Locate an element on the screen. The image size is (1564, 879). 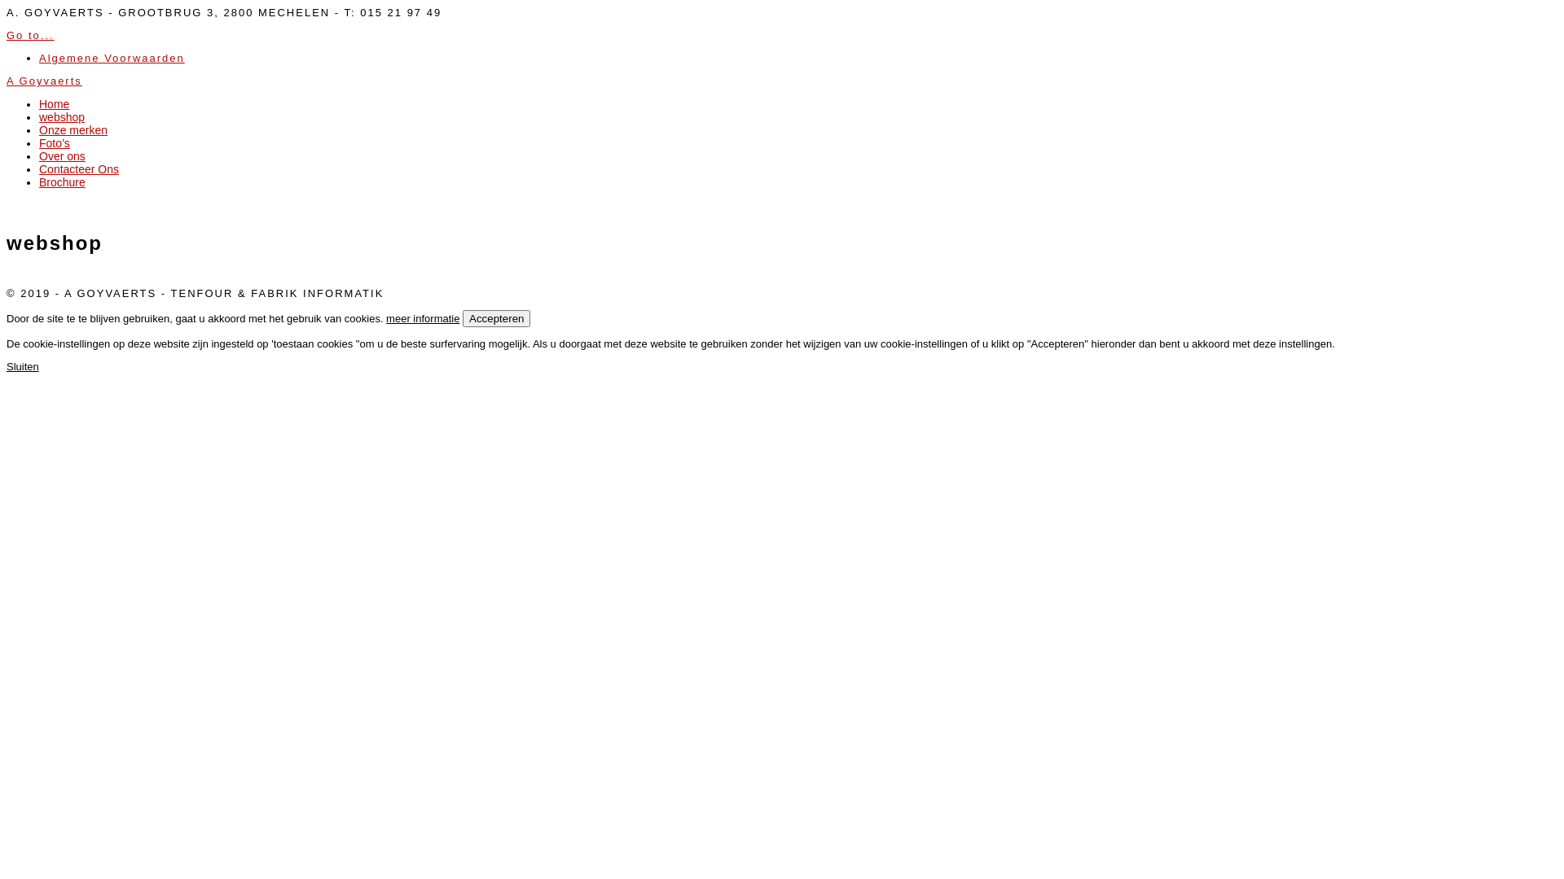
'webshop' is located at coordinates (39, 116).